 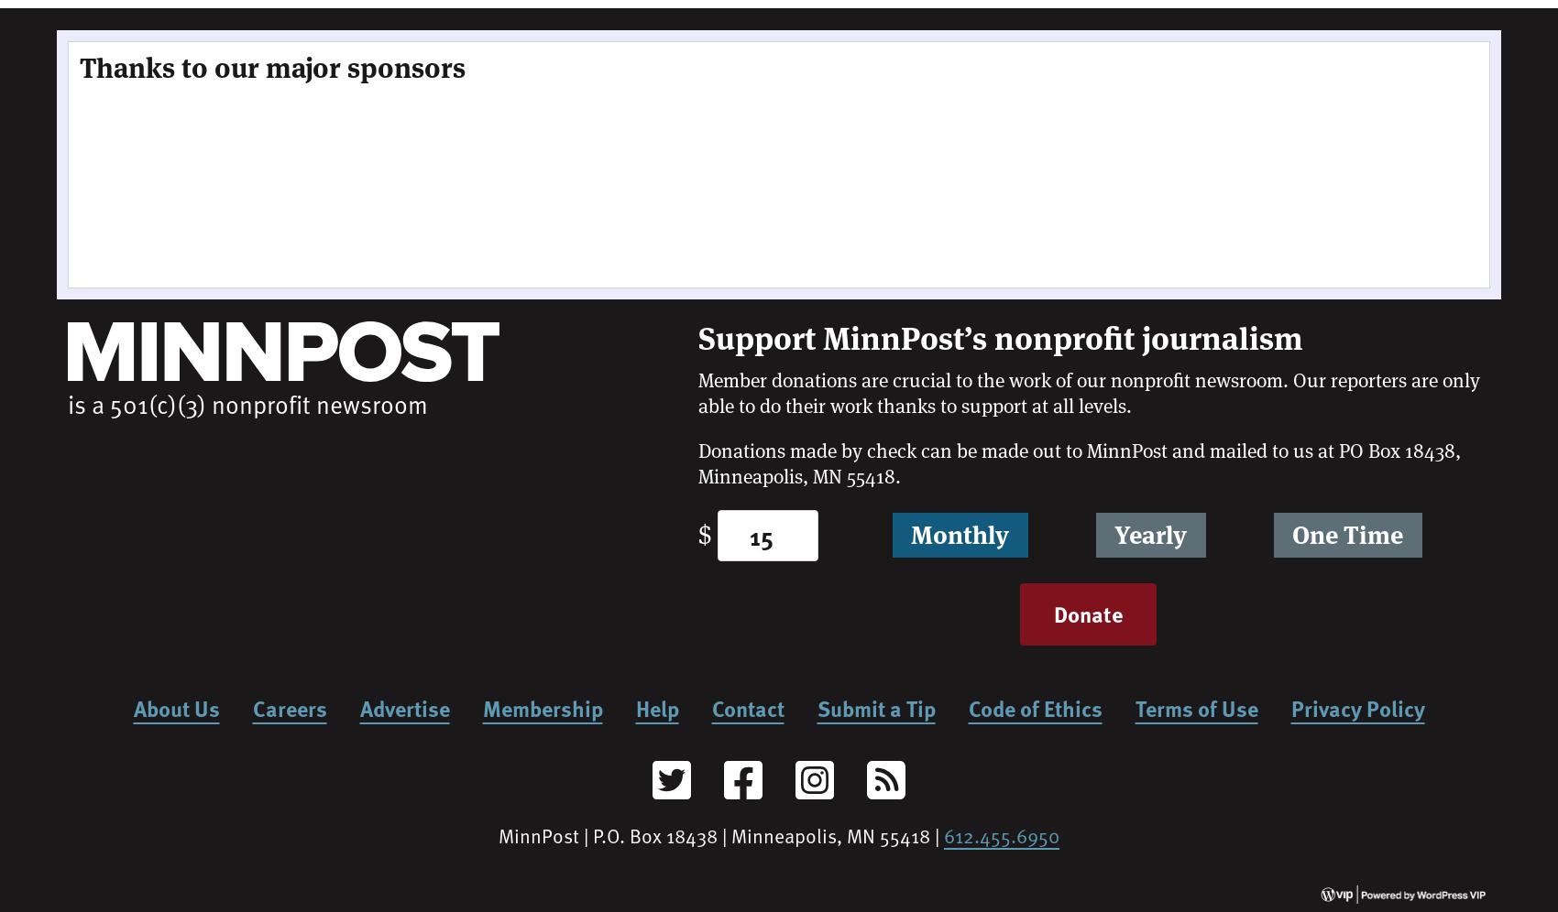 What do you see at coordinates (1034, 707) in the screenshot?
I see `'Code of Ethics'` at bounding box center [1034, 707].